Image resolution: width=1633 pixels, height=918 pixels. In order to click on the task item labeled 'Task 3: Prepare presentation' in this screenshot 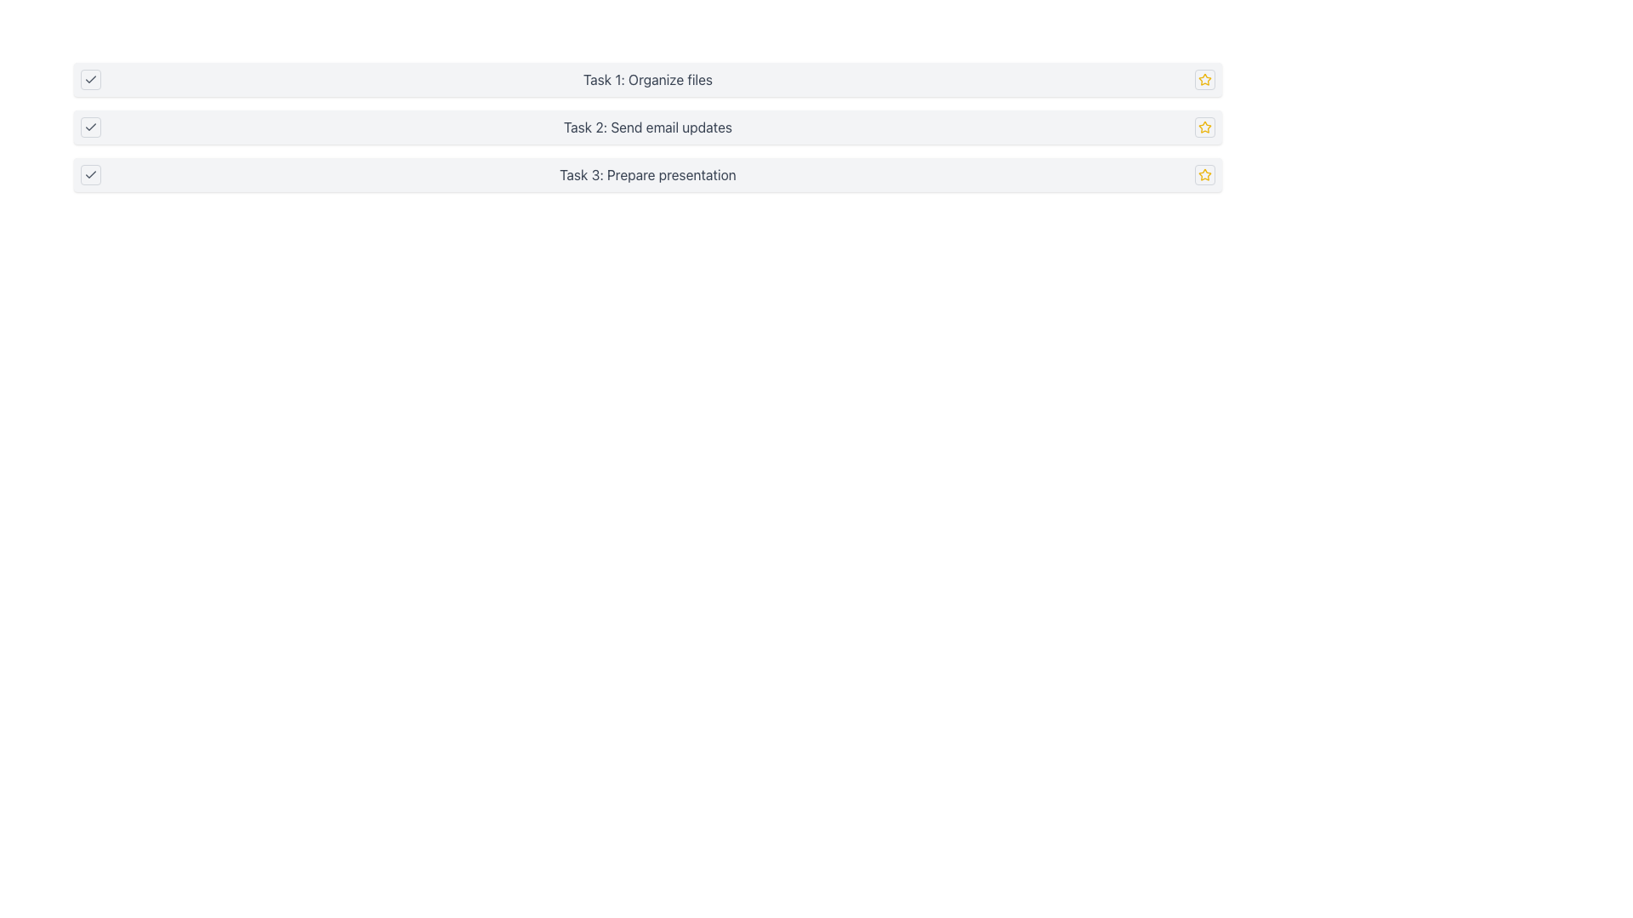, I will do `click(647, 174)`.